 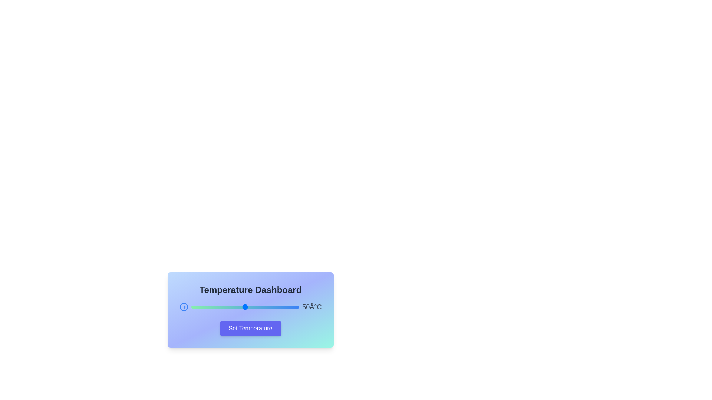 What do you see at coordinates (242, 307) in the screenshot?
I see `the slider to set the temperature to 47°C` at bounding box center [242, 307].